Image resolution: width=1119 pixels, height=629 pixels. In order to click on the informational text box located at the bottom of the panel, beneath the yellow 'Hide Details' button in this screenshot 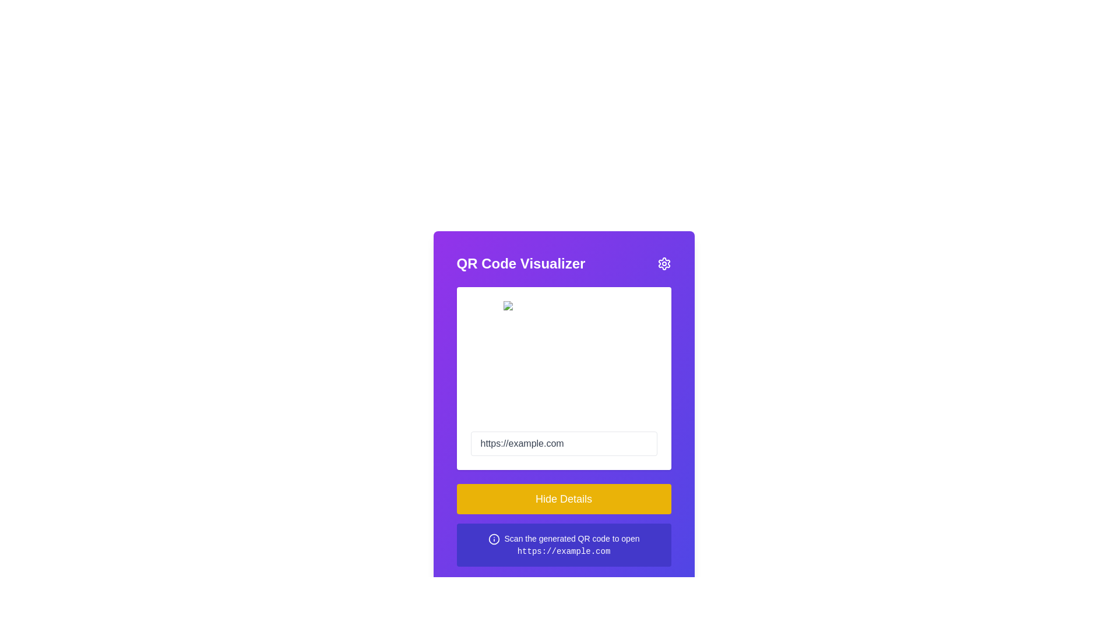, I will do `click(564, 545)`.